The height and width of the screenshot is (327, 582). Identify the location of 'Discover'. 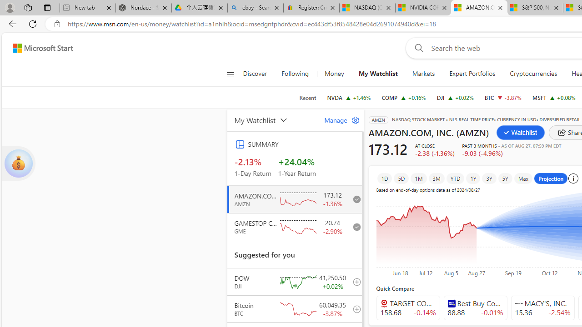
(258, 74).